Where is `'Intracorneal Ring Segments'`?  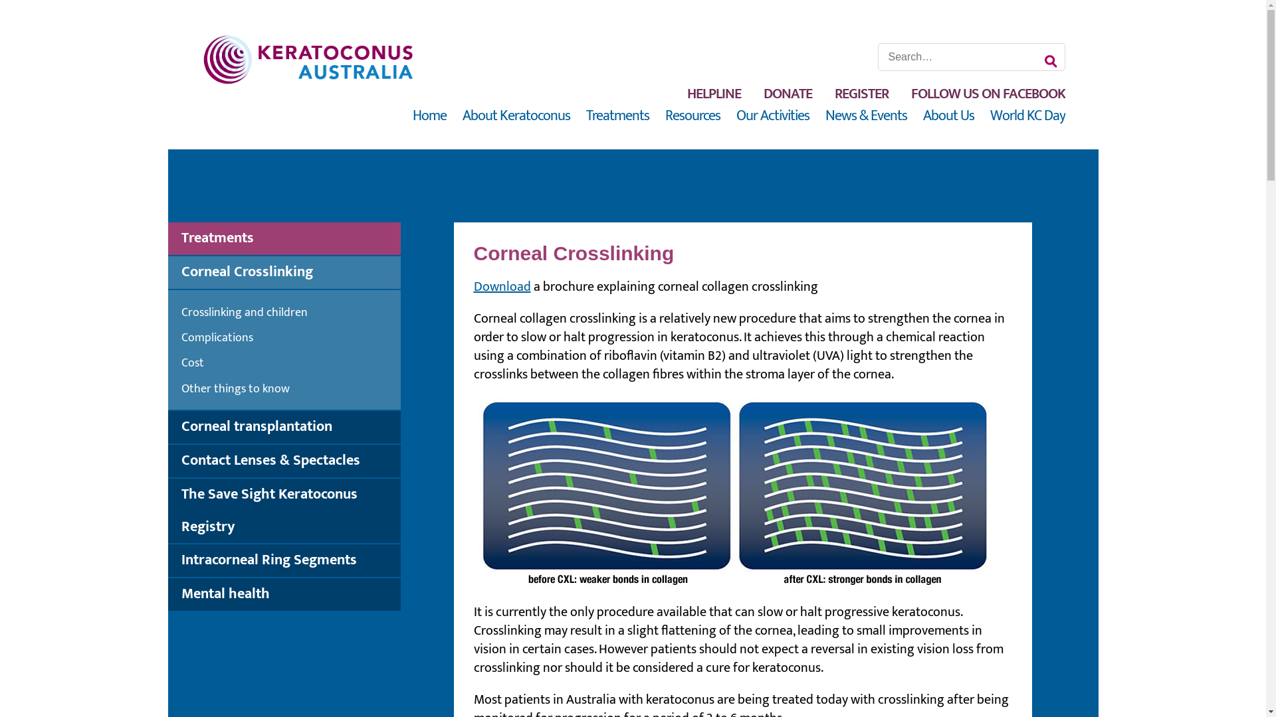 'Intracorneal Ring Segments' is located at coordinates (180, 560).